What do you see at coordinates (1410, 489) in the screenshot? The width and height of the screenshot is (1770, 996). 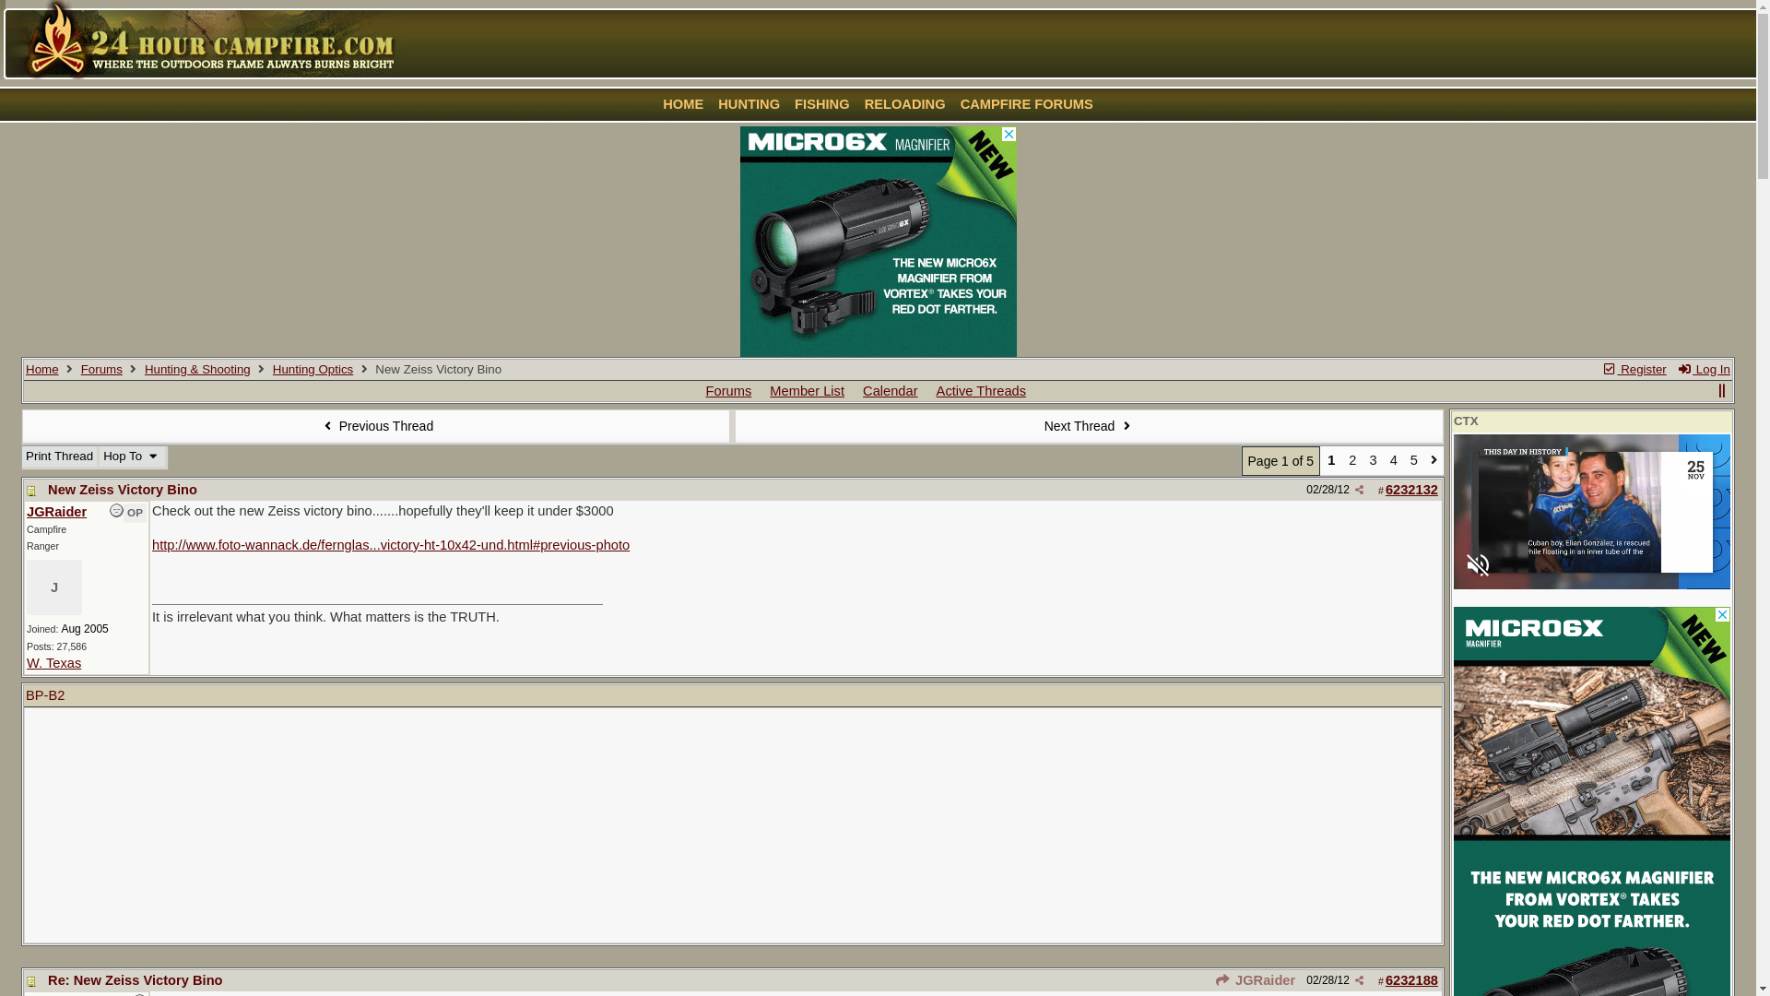 I see `'6232132'` at bounding box center [1410, 489].